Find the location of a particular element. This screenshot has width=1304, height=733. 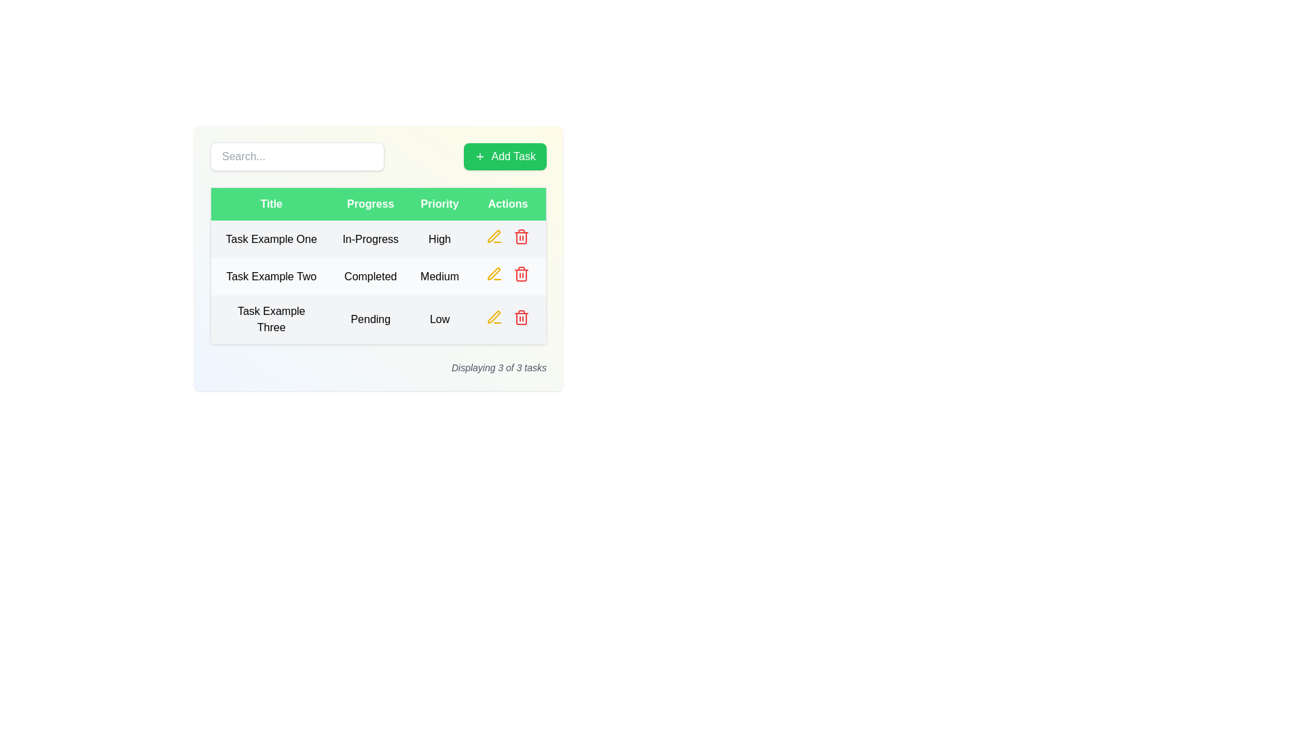

the interactive area styled with padding in the 'Actions' column of the third row associated with 'Task Example Three' is located at coordinates (507, 319).